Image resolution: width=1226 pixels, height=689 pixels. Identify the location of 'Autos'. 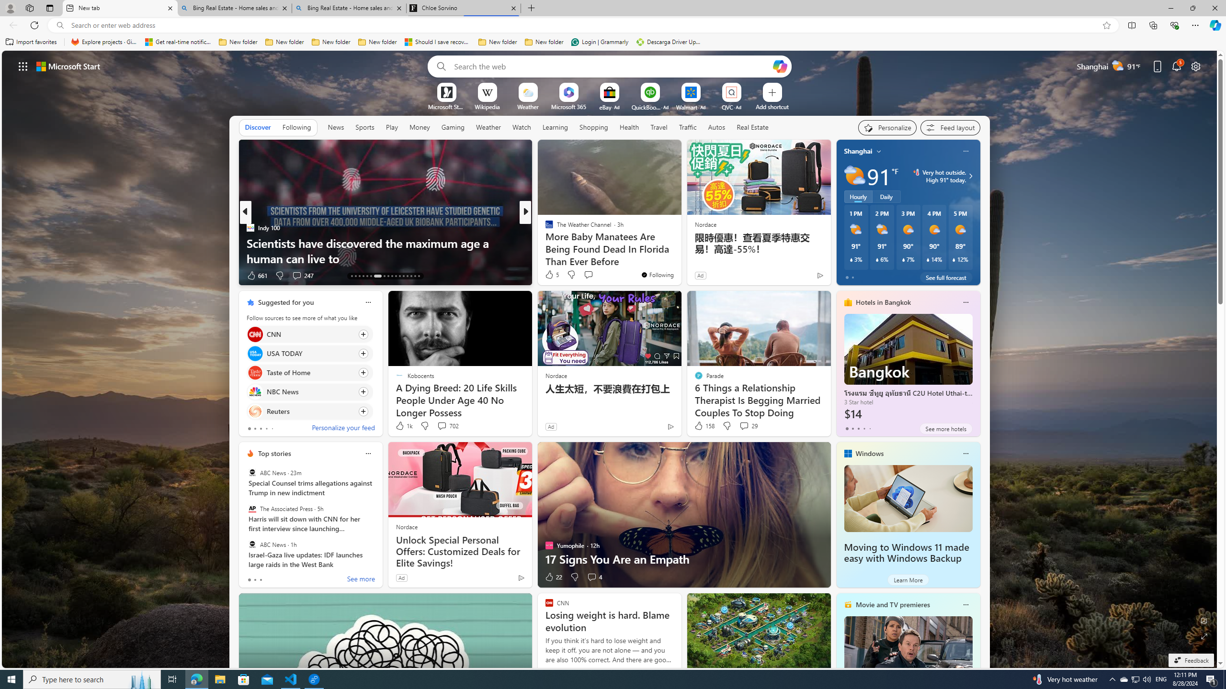
(716, 127).